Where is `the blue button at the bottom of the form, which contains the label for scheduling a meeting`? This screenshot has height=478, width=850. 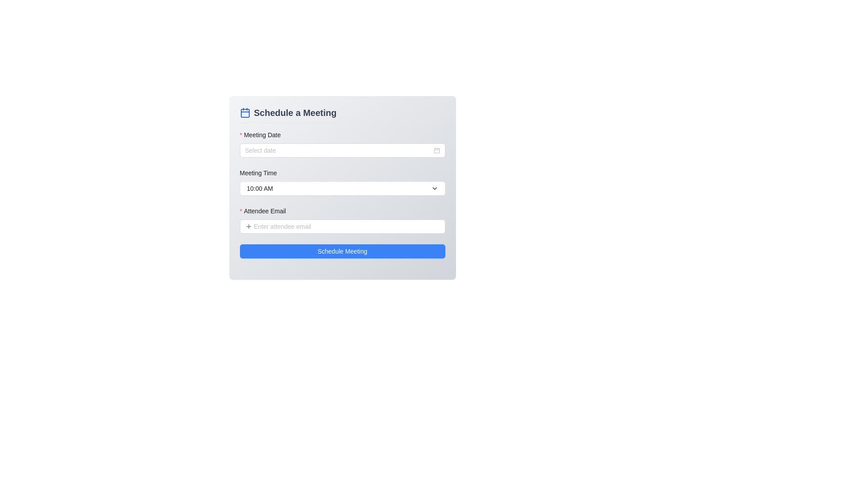
the blue button at the bottom of the form, which contains the label for scheduling a meeting is located at coordinates (342, 251).